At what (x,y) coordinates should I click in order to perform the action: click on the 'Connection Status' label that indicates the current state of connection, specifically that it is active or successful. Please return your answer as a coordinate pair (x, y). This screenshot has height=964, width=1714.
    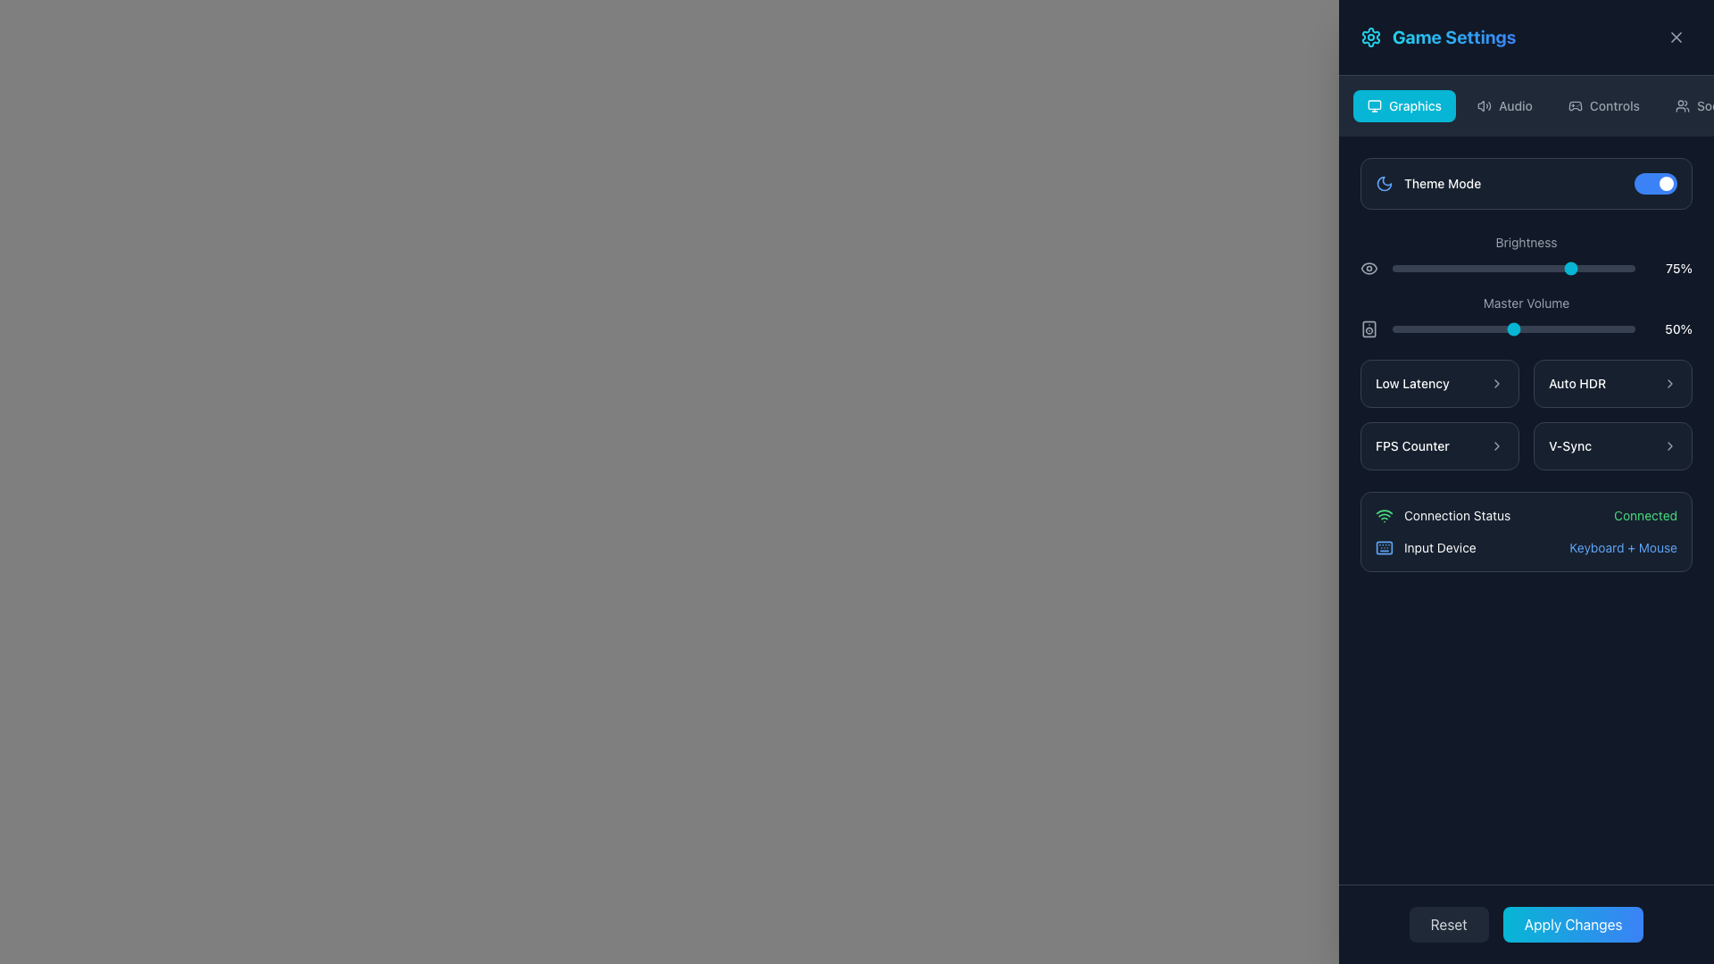
    Looking at the image, I should click on (1644, 516).